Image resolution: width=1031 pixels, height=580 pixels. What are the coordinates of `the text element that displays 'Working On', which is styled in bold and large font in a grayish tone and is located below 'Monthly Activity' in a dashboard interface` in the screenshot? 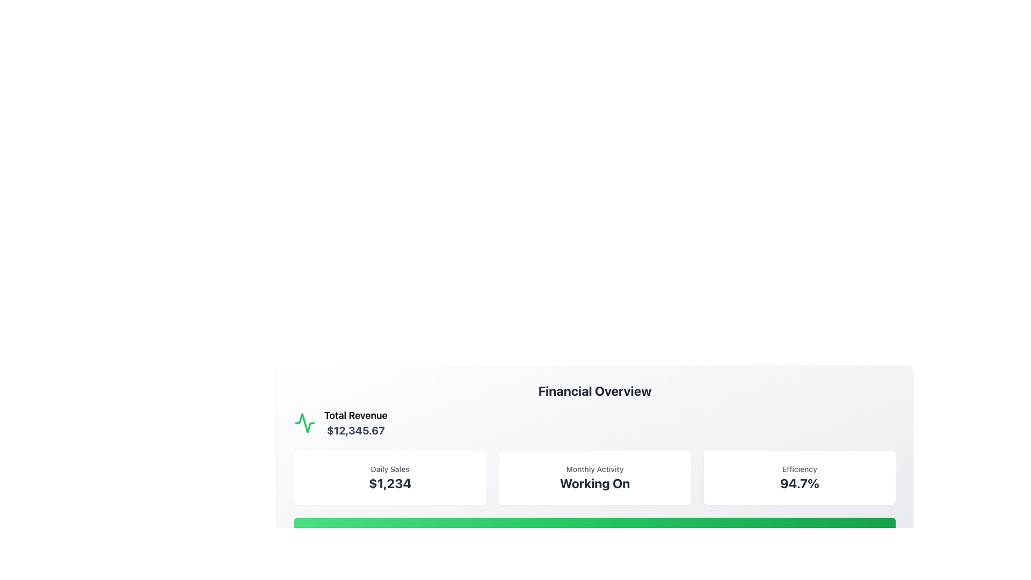 It's located at (594, 482).